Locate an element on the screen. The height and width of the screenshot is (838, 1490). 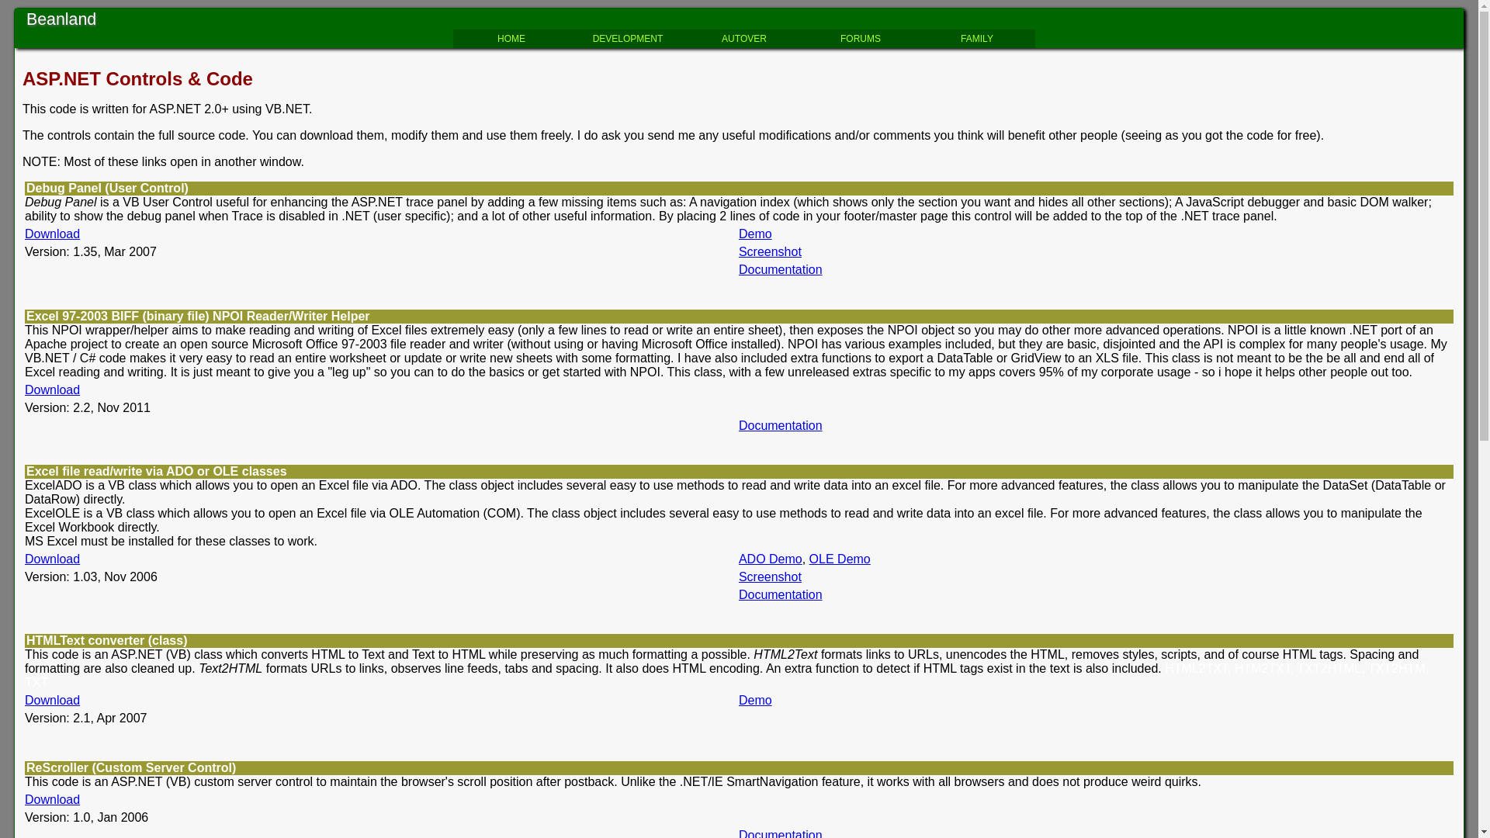
'FORUMS' is located at coordinates (859, 38).